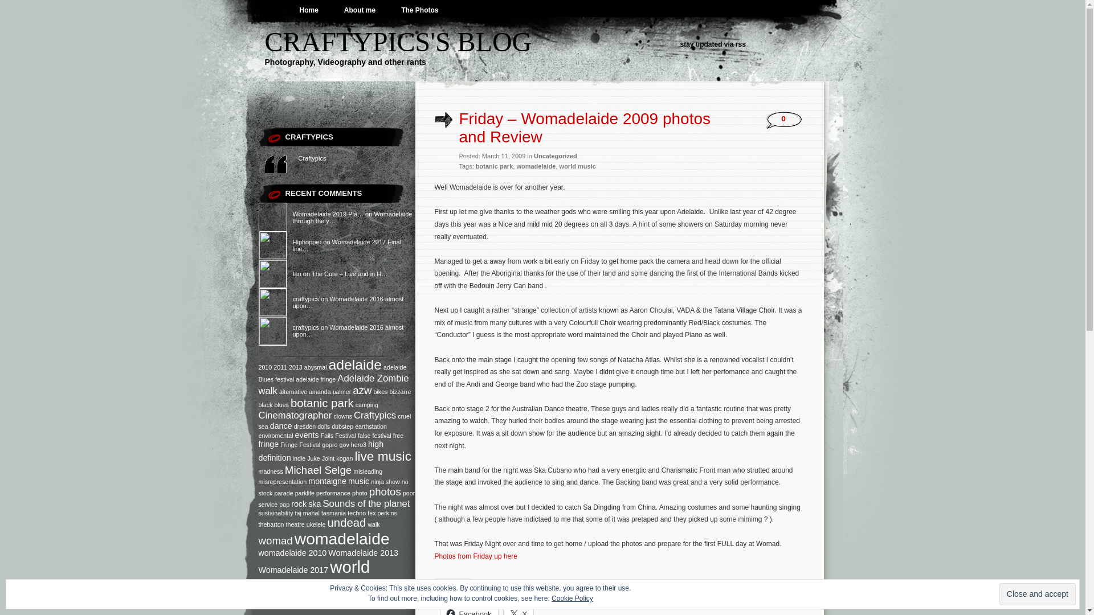 The image size is (1094, 615). Describe the element at coordinates (342, 416) in the screenshot. I see `'clowns'` at that location.